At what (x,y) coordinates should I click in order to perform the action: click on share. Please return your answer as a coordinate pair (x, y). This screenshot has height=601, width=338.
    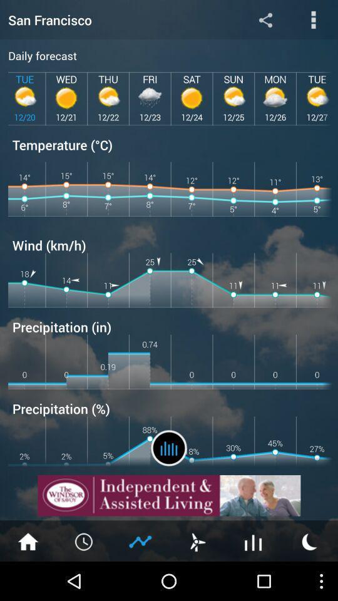
    Looking at the image, I should click on (265, 19).